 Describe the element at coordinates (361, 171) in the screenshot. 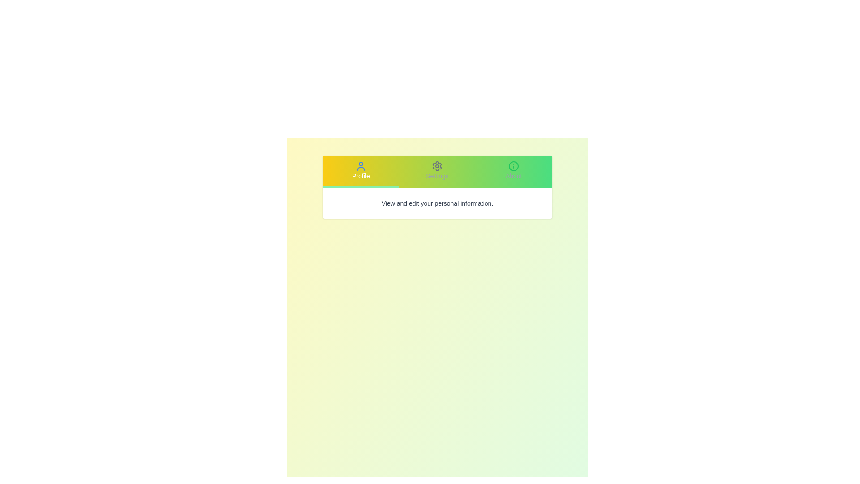

I see `the 'Profile' tab to view its content` at that location.